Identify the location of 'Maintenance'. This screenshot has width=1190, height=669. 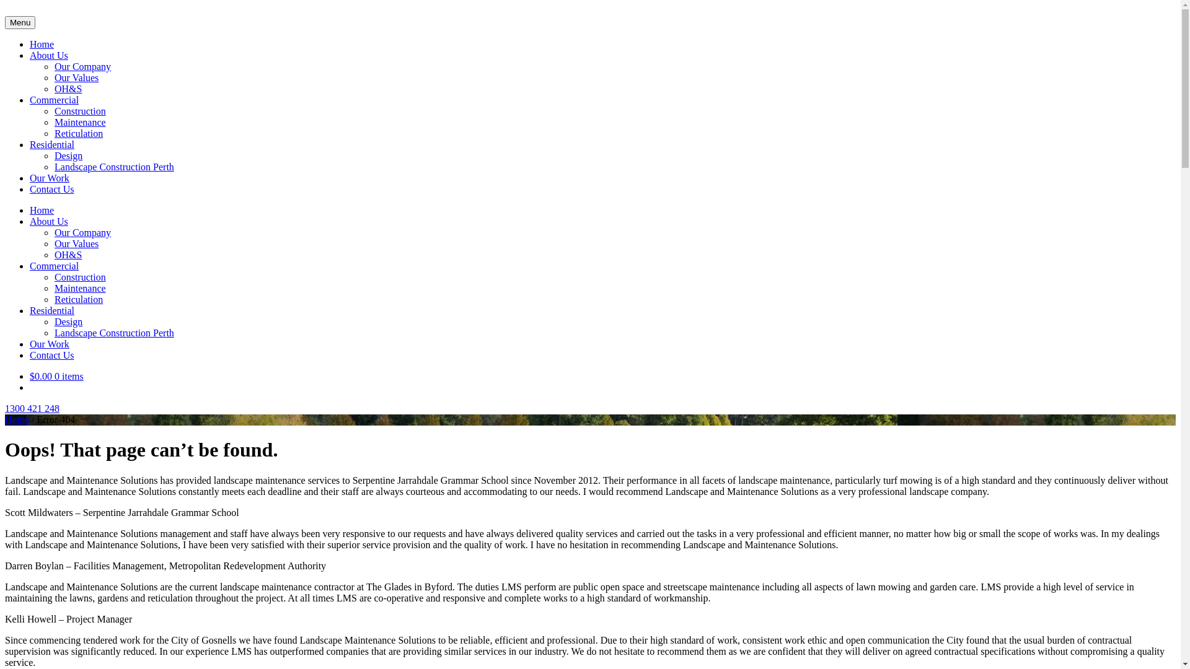
(79, 122).